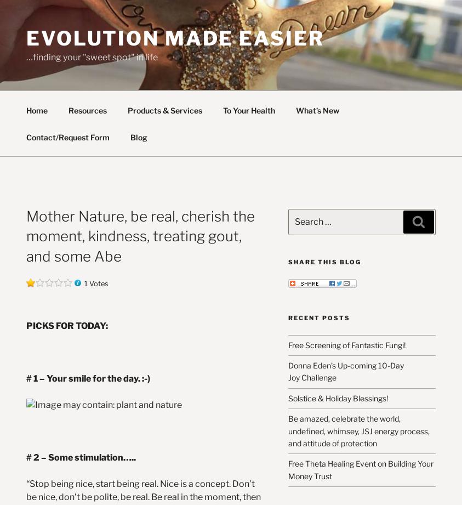 Image resolution: width=462 pixels, height=505 pixels. Describe the element at coordinates (129, 136) in the screenshot. I see `'Blog'` at that location.